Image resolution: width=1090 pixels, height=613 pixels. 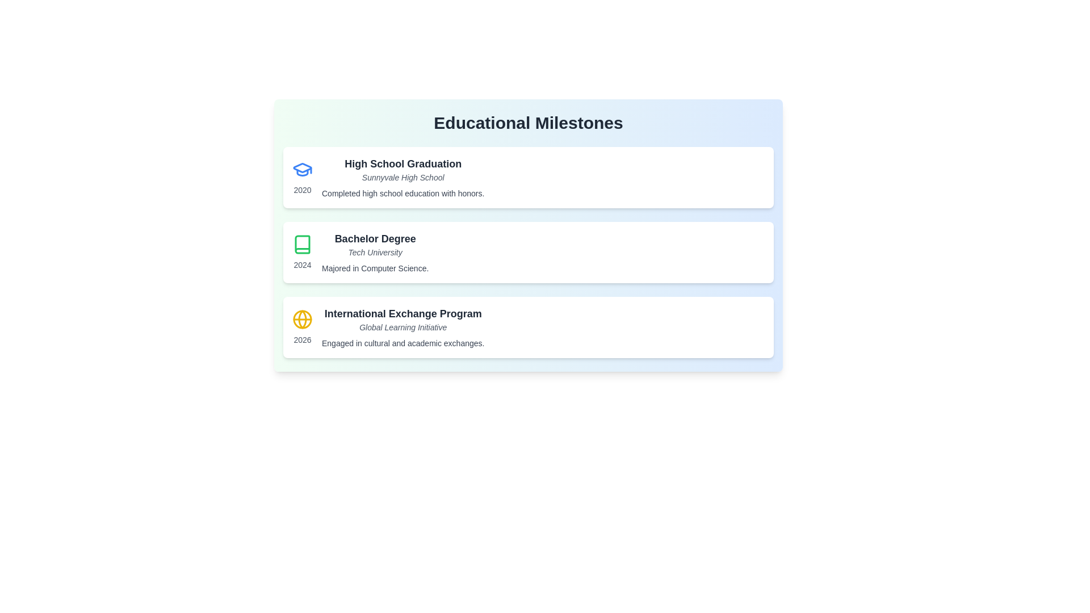 I want to click on the green book-like icon located in the milestone entry marked '2024', positioned above the year text '2024' in the left column, so click(x=302, y=244).